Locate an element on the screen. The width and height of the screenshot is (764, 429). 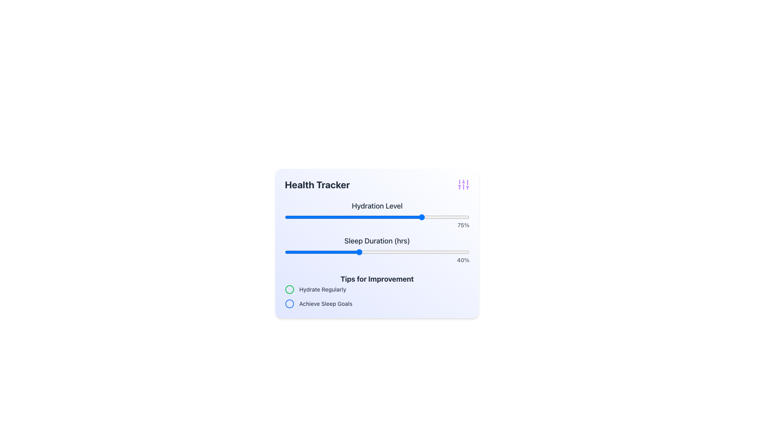
the static text label displaying 'Hydrate Regularly', which is located beside the green circular icon in the 'Tips for Improvement' section of the interface is located at coordinates (323, 290).